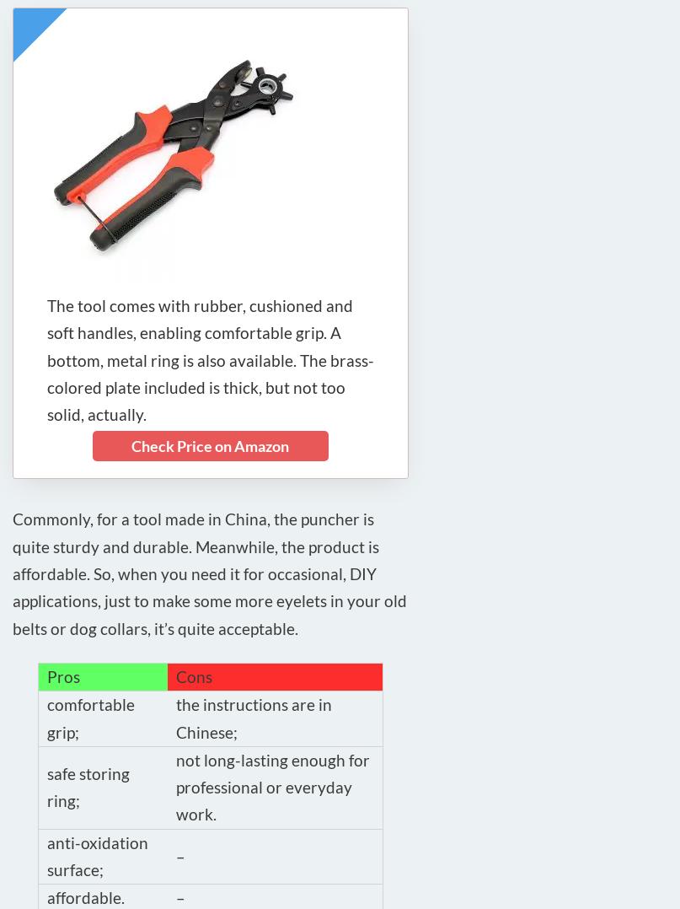 The width and height of the screenshot is (680, 909). What do you see at coordinates (87, 786) in the screenshot?
I see `'safe storing ring;'` at bounding box center [87, 786].